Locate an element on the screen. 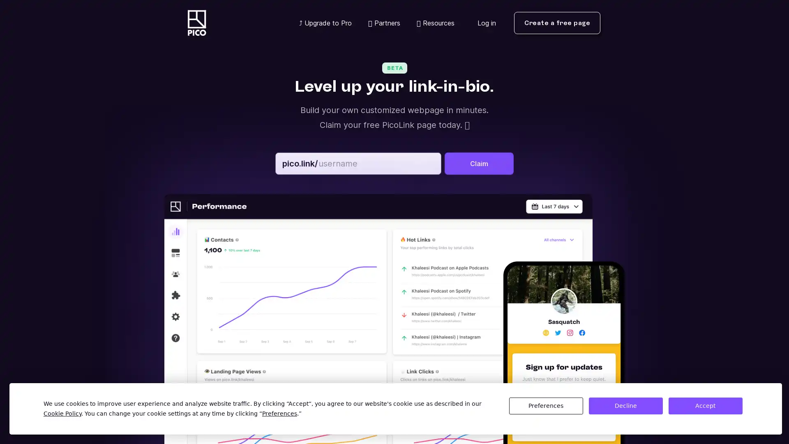 This screenshot has height=444, width=789. Claim is located at coordinates (479, 163).